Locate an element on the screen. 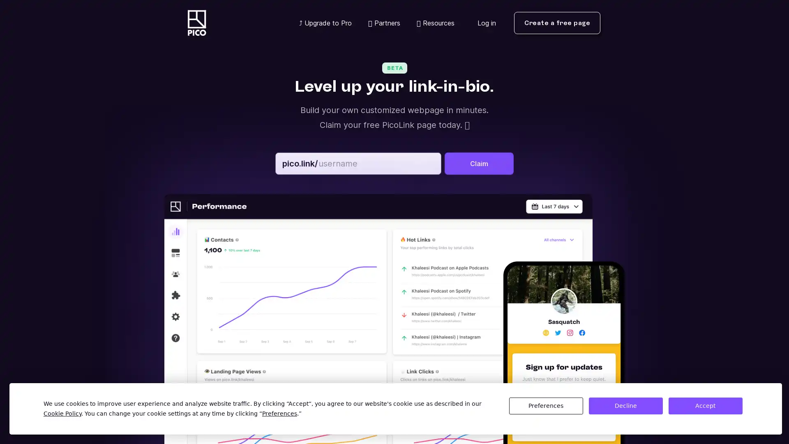 This screenshot has height=444, width=789. Claim is located at coordinates (479, 163).